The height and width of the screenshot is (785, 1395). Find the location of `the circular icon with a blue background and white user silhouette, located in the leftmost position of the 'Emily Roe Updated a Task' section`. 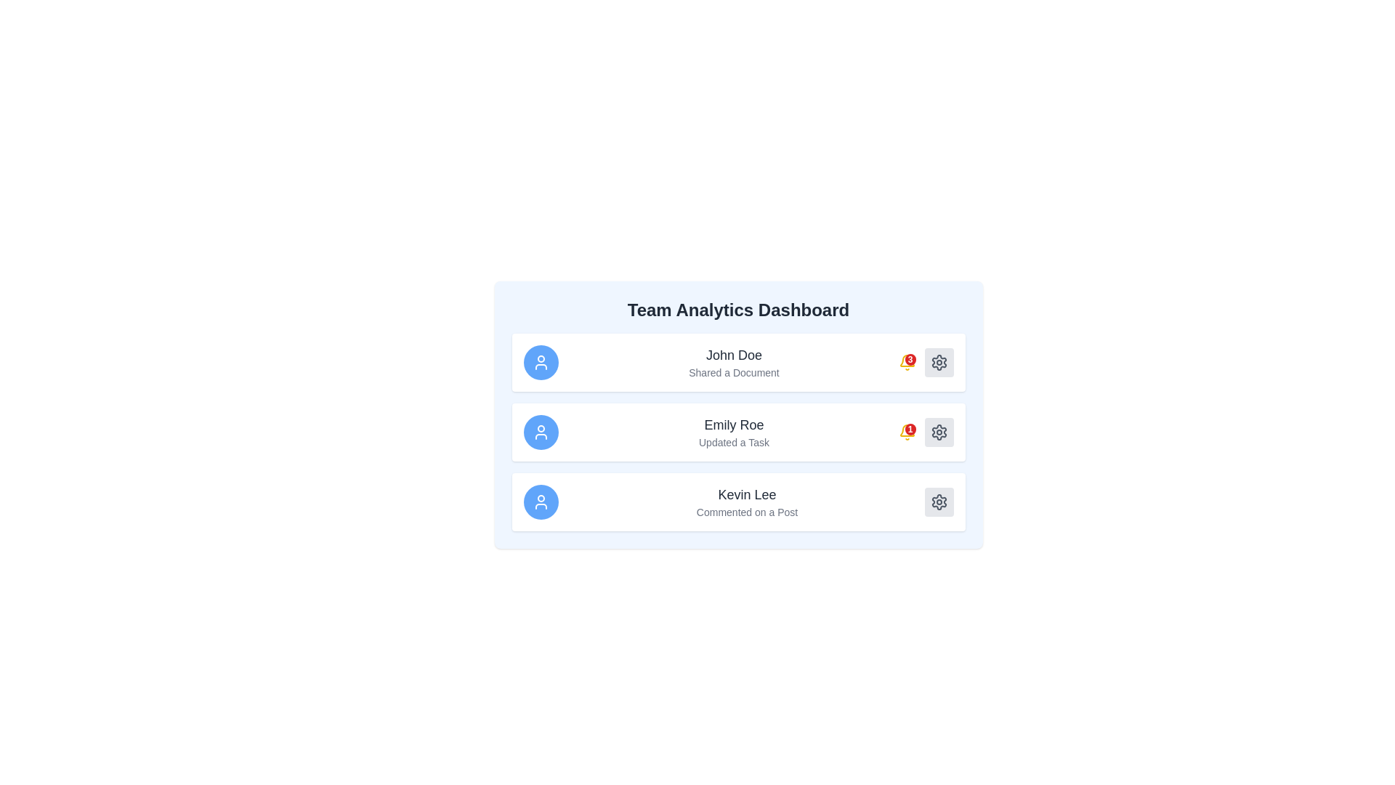

the circular icon with a blue background and white user silhouette, located in the leftmost position of the 'Emily Roe Updated a Task' section is located at coordinates (540, 431).